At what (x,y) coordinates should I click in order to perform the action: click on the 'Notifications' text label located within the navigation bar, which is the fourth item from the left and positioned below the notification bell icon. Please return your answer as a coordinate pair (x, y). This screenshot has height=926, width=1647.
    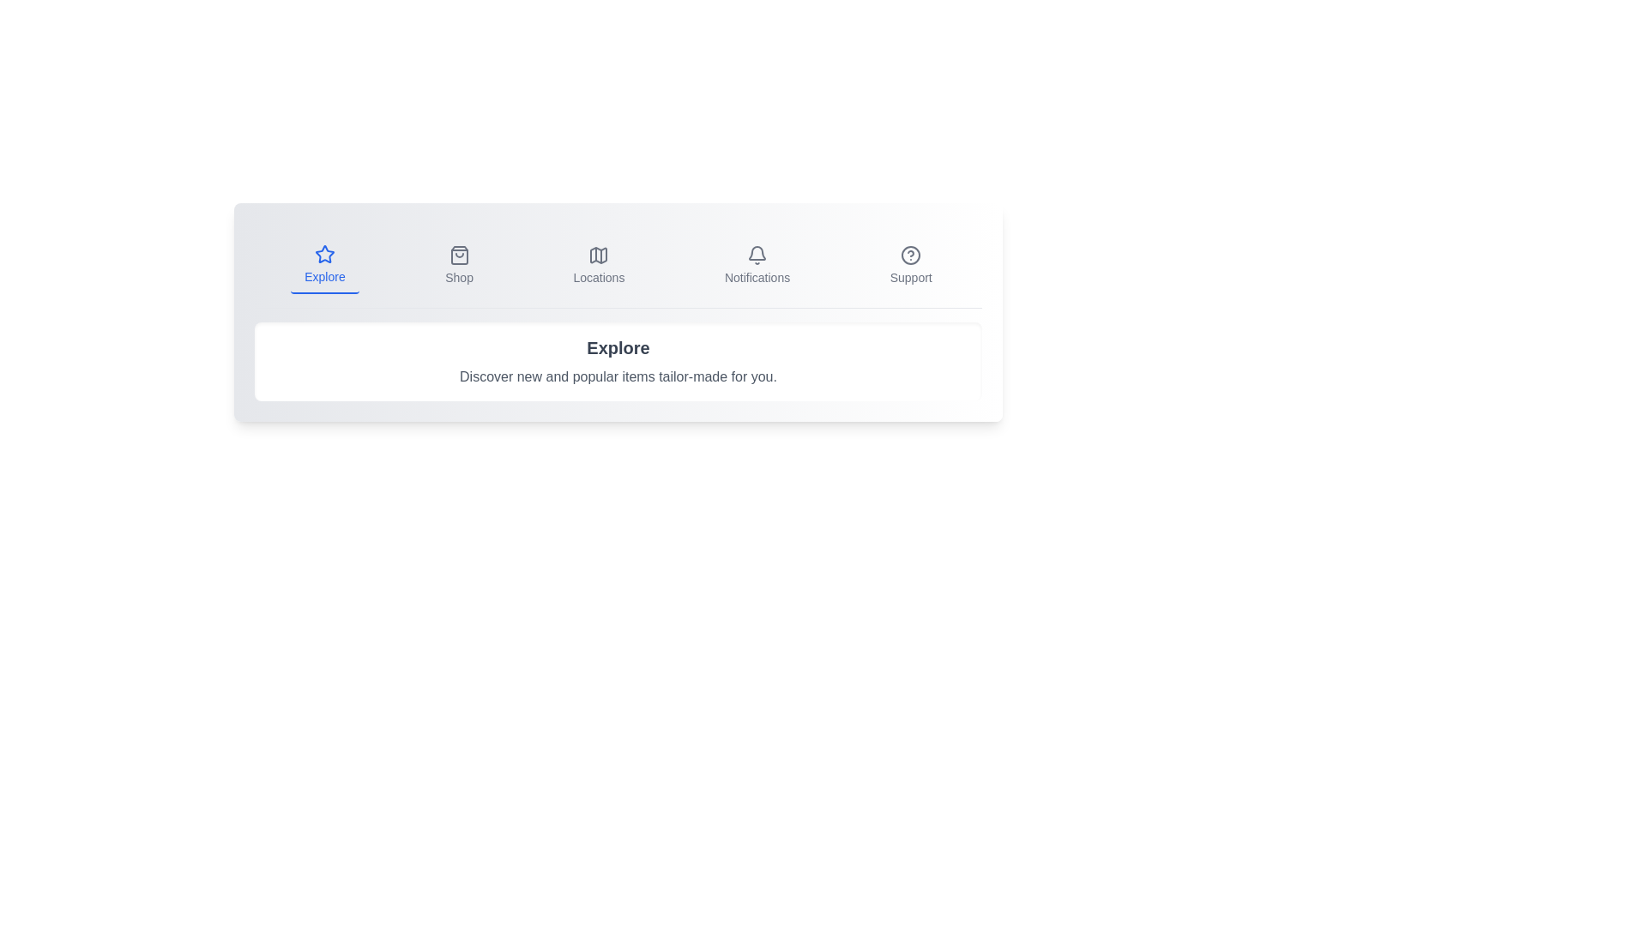
    Looking at the image, I should click on (757, 277).